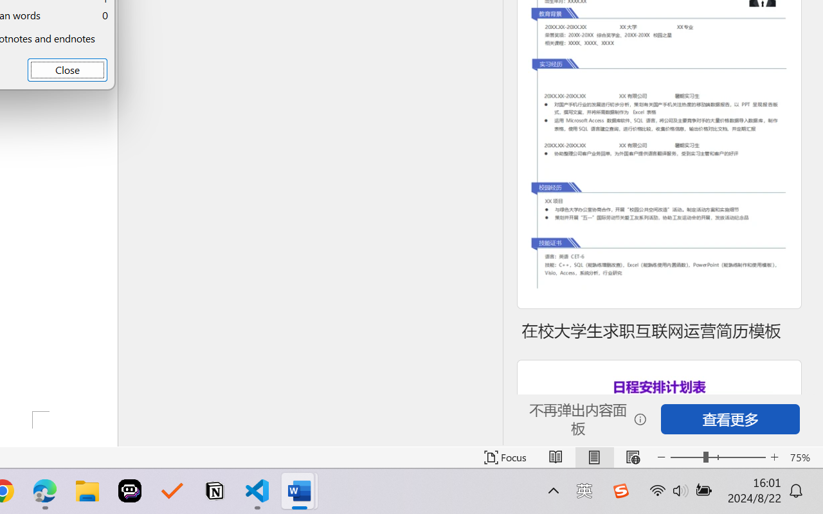 This screenshot has width=823, height=514. Describe the element at coordinates (215, 491) in the screenshot. I see `'Notion'` at that location.